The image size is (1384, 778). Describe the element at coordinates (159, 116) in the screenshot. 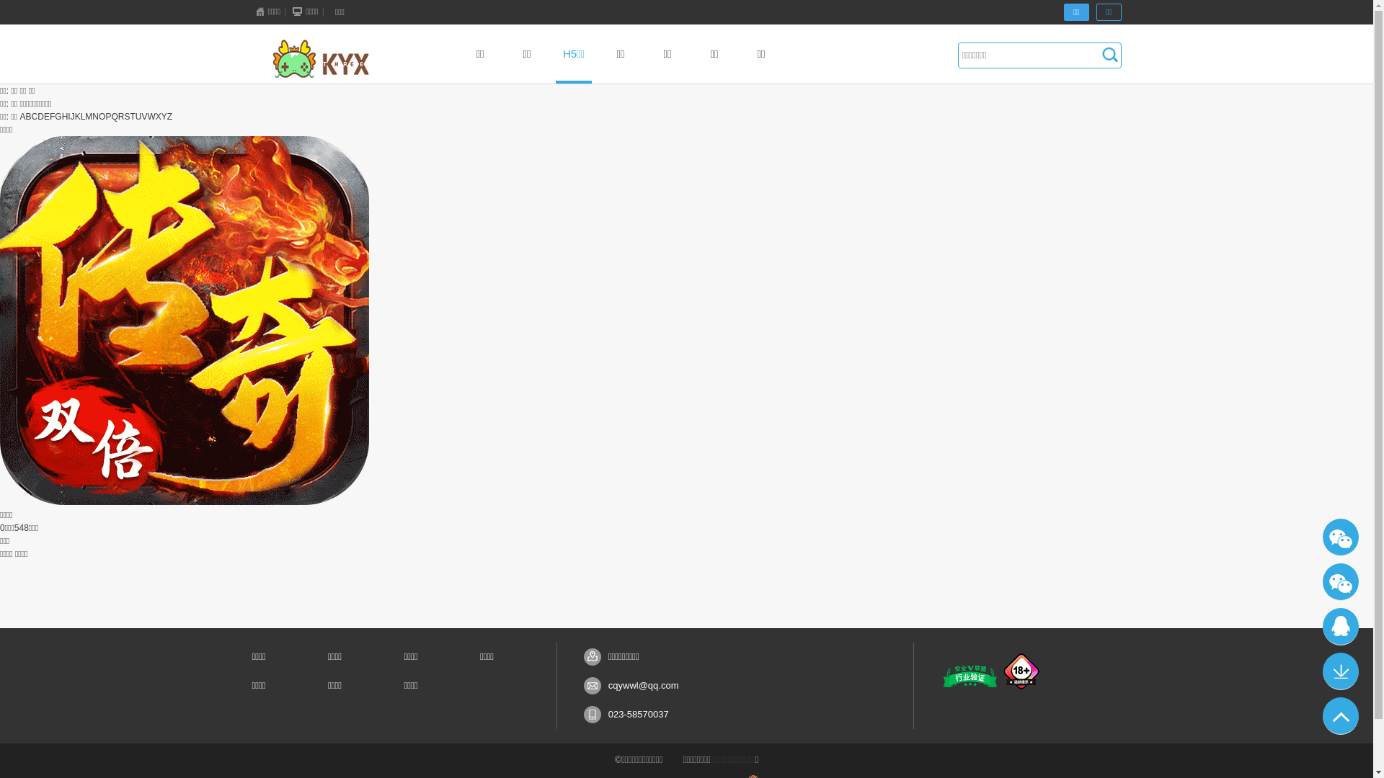

I see `'X'` at that location.